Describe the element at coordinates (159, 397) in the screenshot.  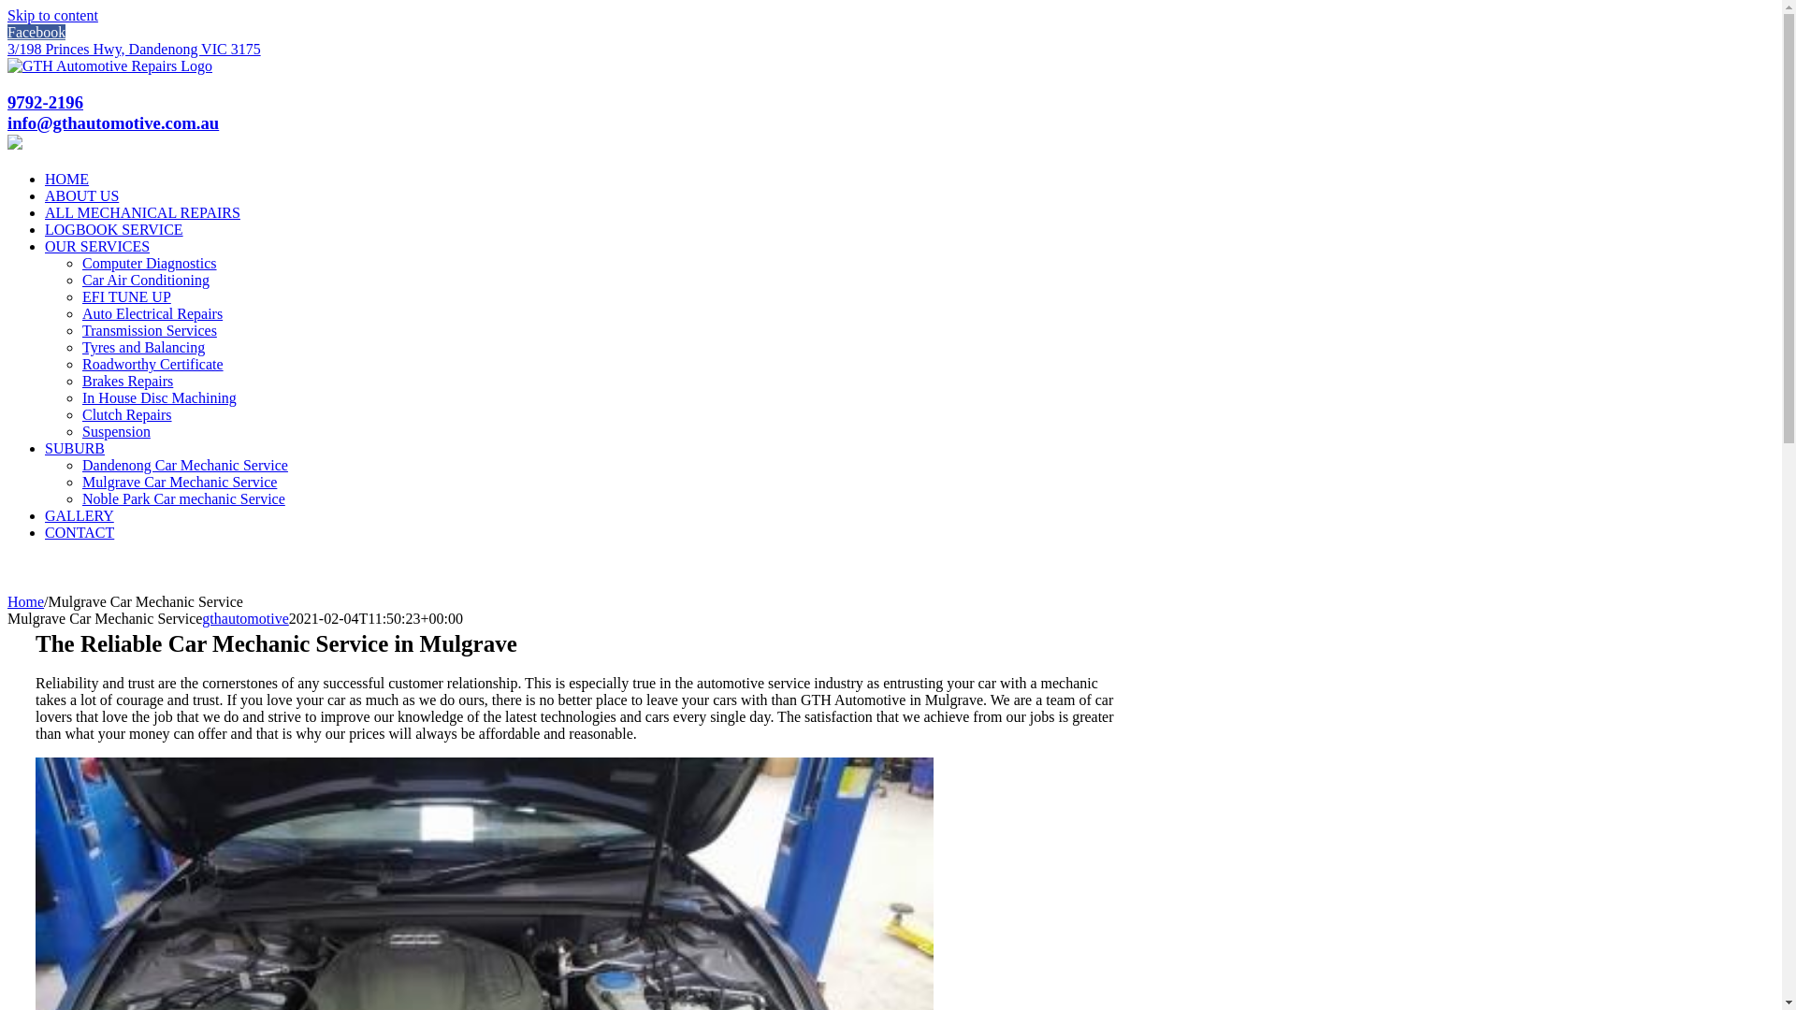
I see `'In House Disc Machining'` at that location.